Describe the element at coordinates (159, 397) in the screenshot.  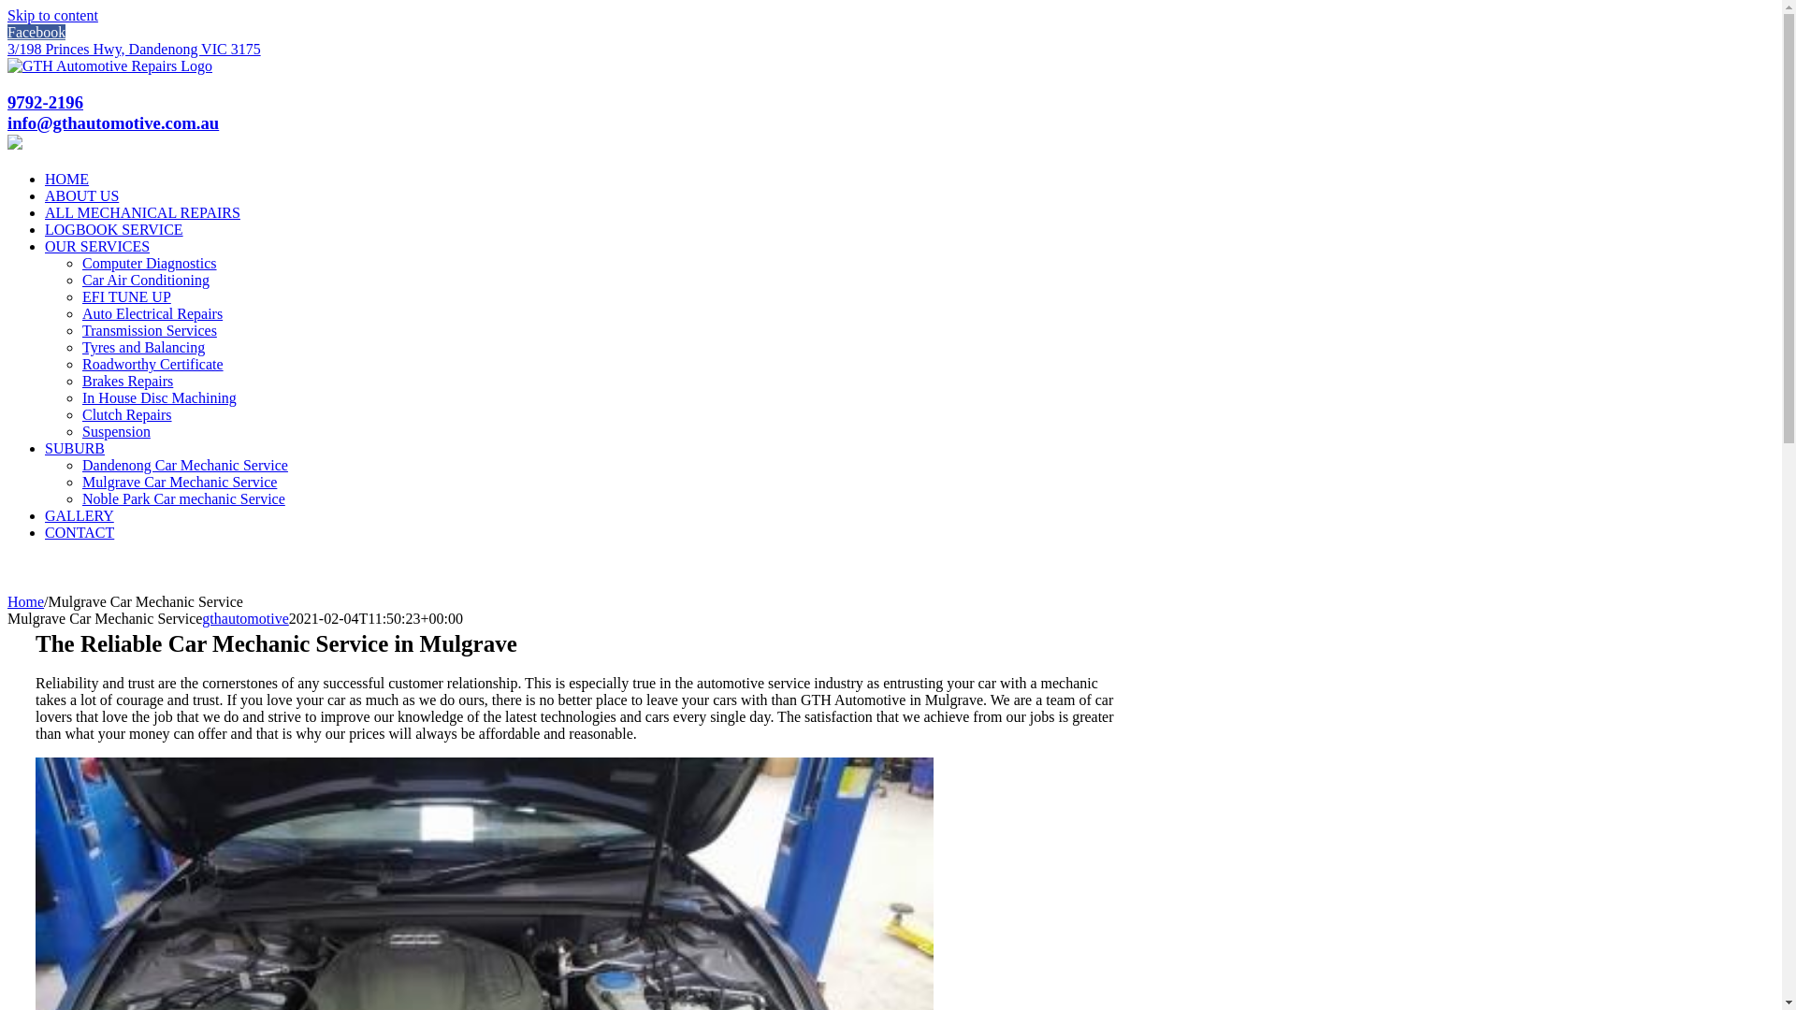
I see `'In House Disc Machining'` at that location.